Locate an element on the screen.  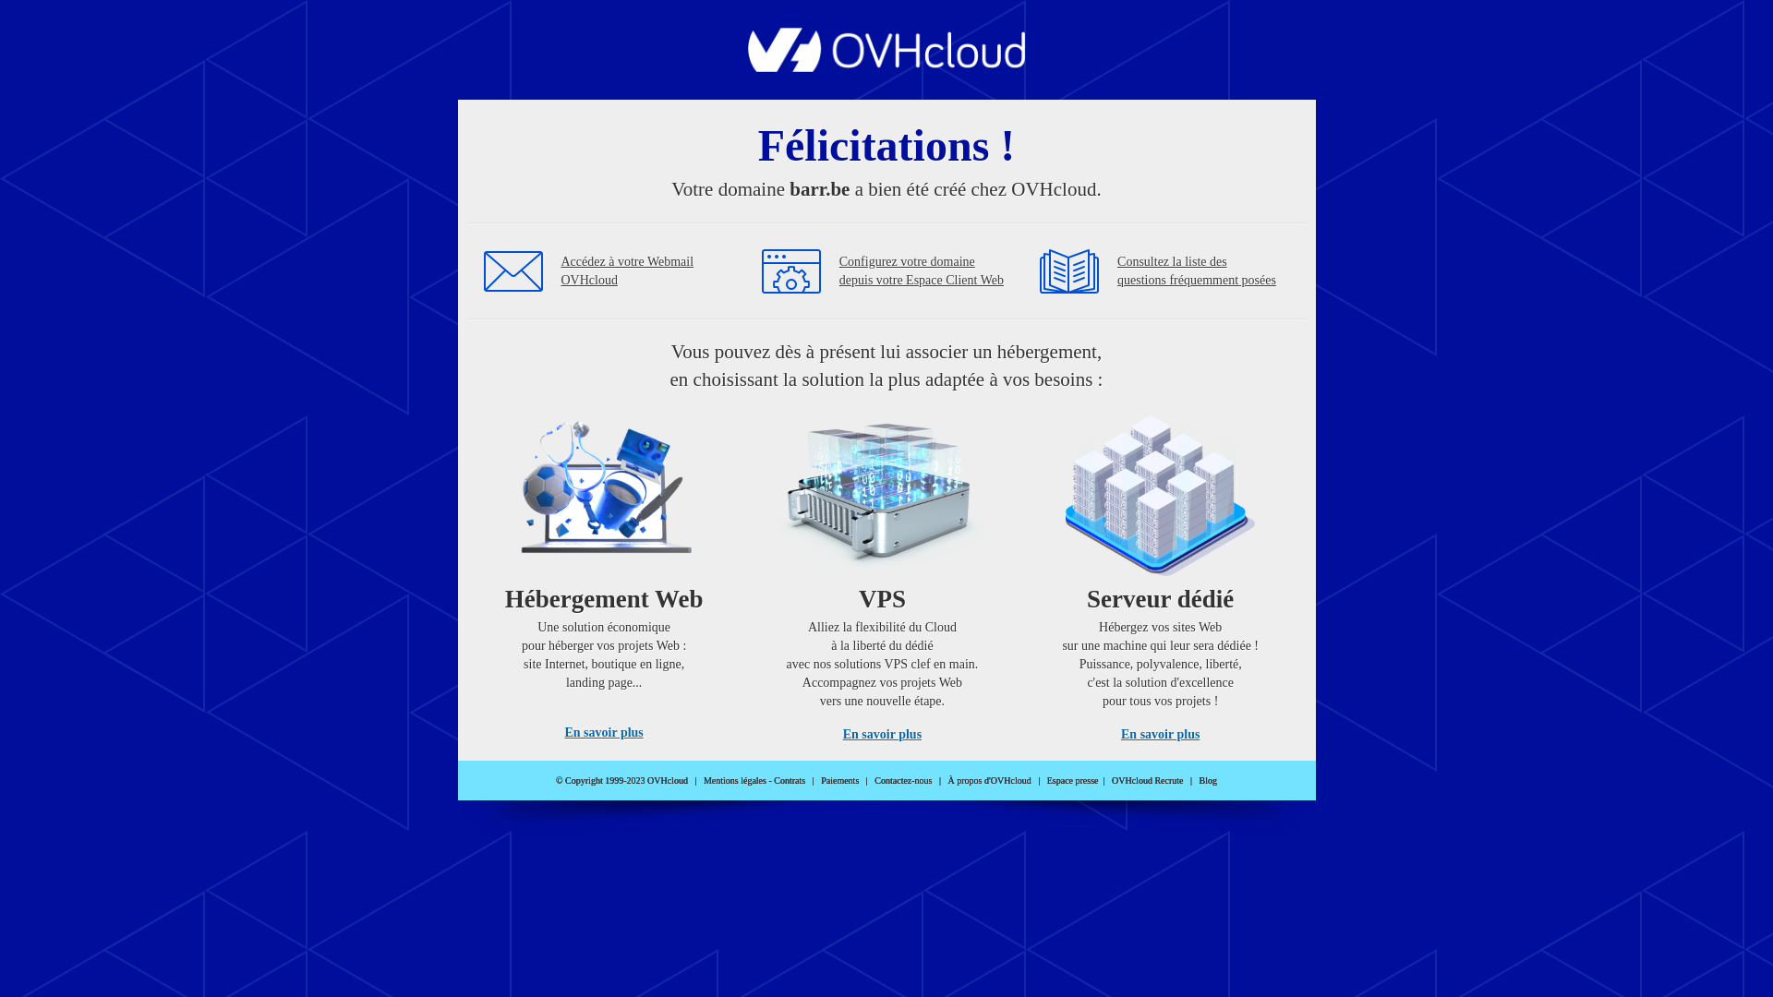
'VPS' is located at coordinates (881, 571).